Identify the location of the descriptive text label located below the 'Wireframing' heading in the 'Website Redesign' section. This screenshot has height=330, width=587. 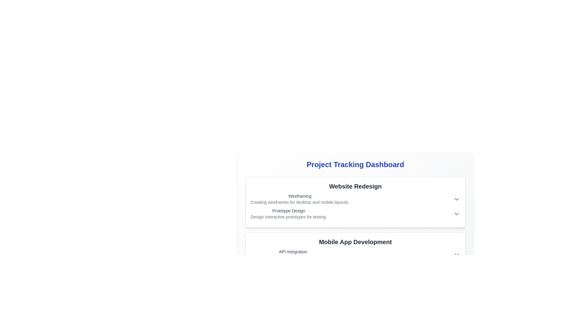
(300, 202).